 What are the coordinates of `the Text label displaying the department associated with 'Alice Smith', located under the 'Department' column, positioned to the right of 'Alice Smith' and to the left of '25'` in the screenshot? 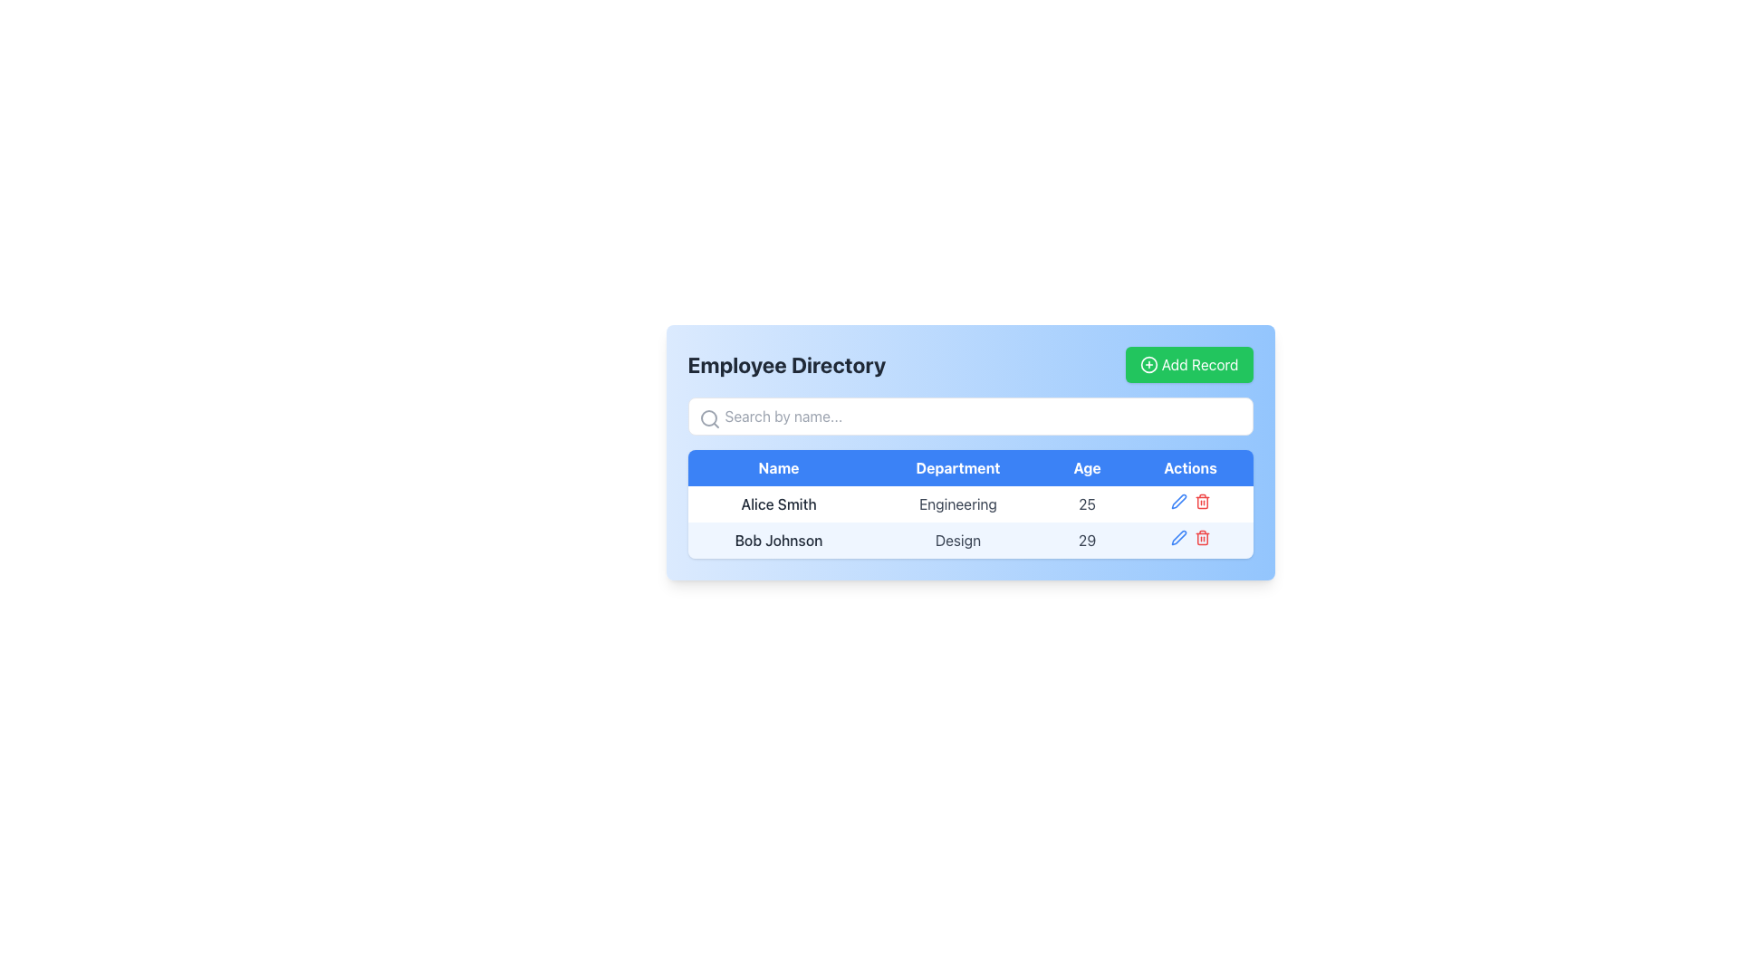 It's located at (956, 503).